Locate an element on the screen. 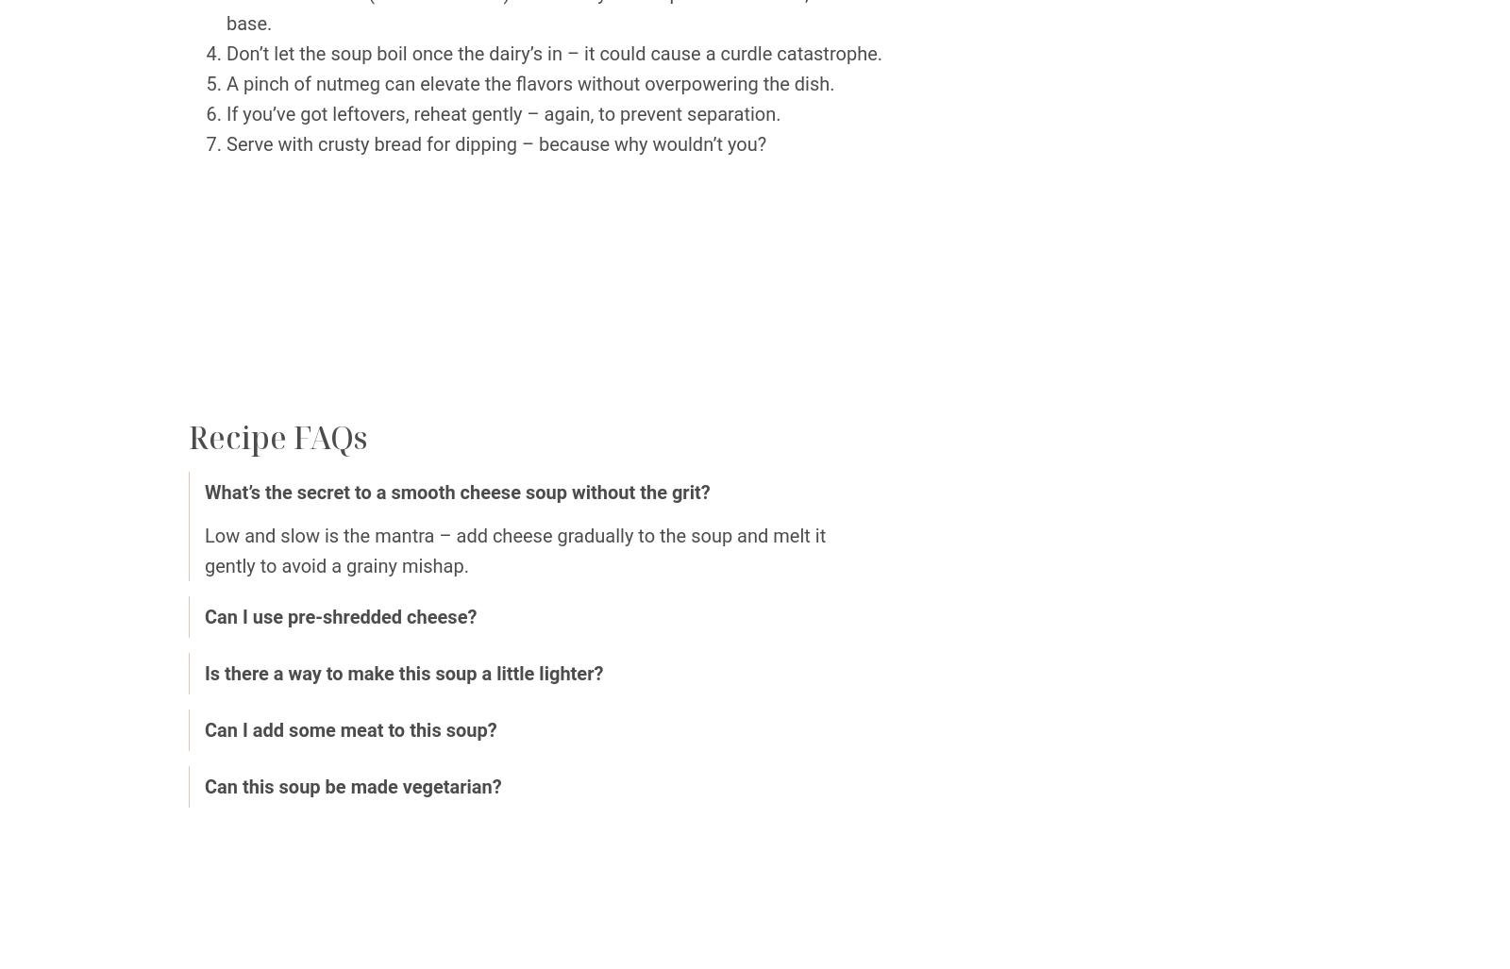 The height and width of the screenshot is (969, 1510). 'Recipe FAQs' is located at coordinates (277, 437).